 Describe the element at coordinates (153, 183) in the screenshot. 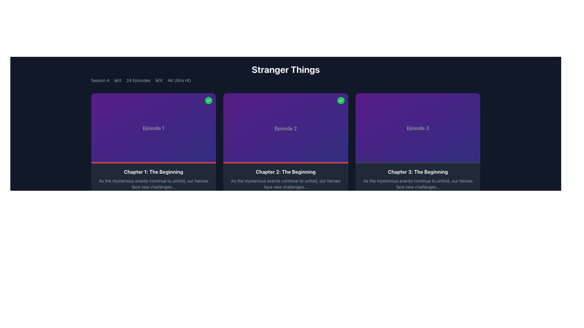

I see `the text element that provides a brief narrative or description of the episode, located below 'Chapter 1: The Beginning'` at that location.